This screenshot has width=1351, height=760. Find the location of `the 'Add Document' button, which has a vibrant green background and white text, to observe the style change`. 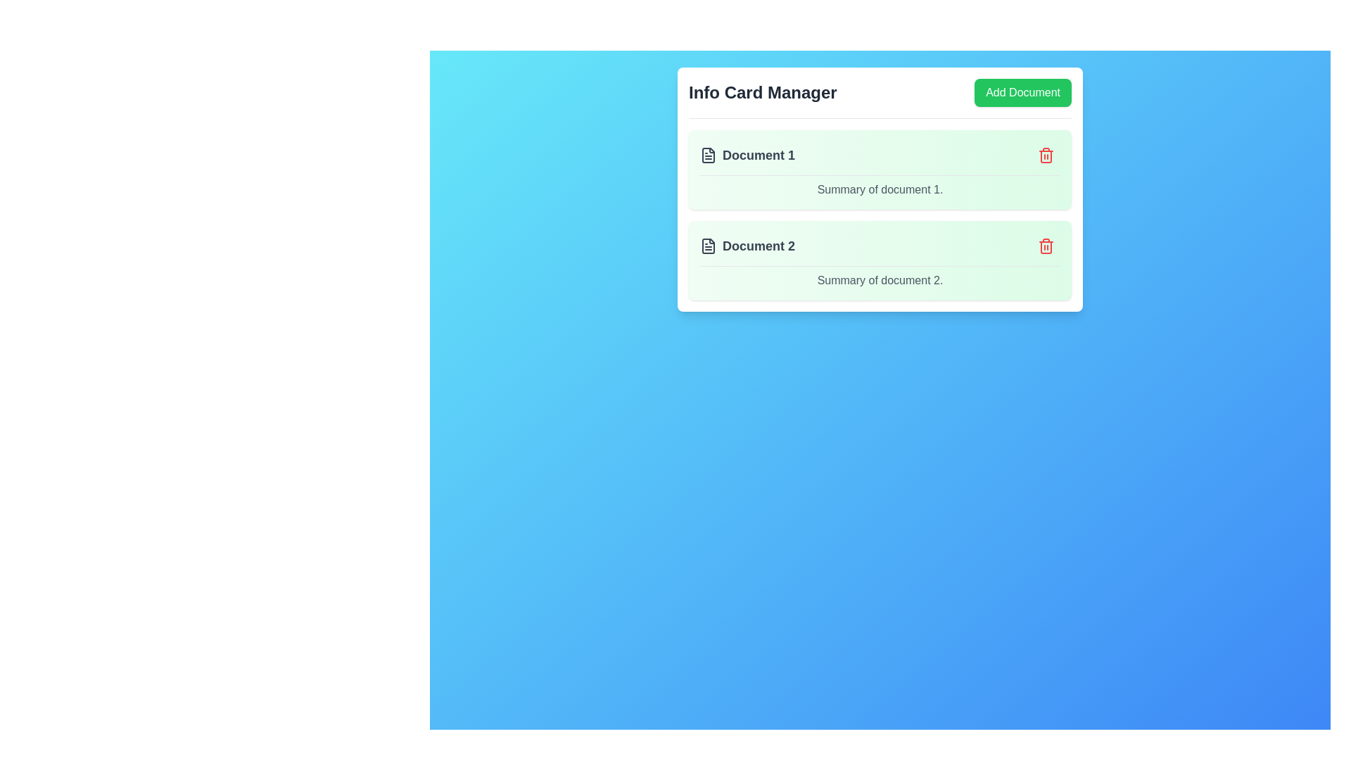

the 'Add Document' button, which has a vibrant green background and white text, to observe the style change is located at coordinates (1023, 92).